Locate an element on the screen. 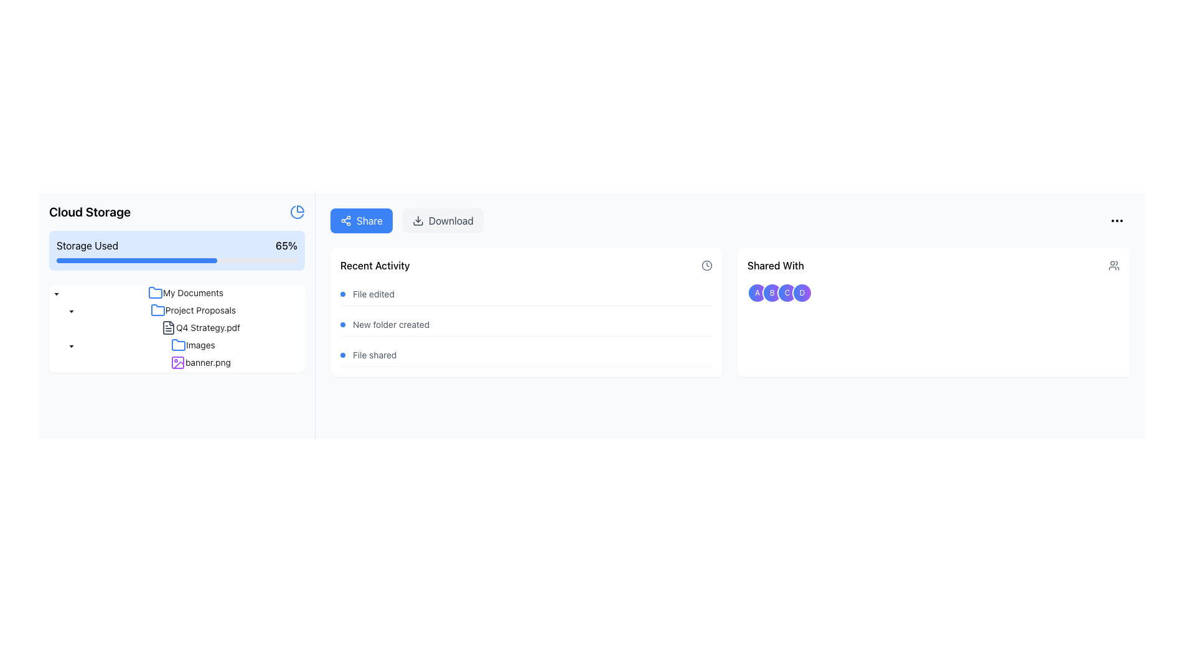 Image resolution: width=1195 pixels, height=672 pixels. the folder icon with a blue tint labeled 'My Documents' from its position in the 'Cloud Storage' panel on the left side of the interface is located at coordinates (154, 292).